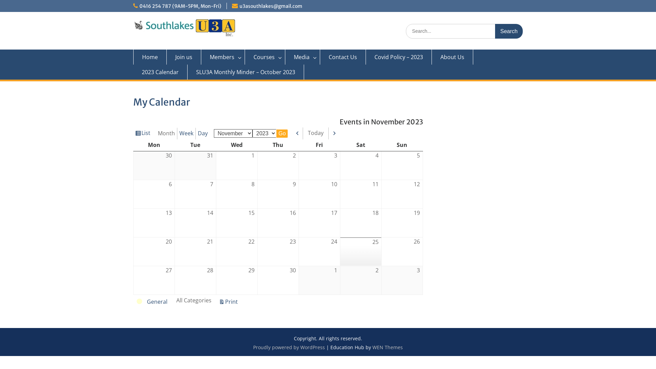 This screenshot has height=369, width=656. Describe the element at coordinates (270, 6) in the screenshot. I see `'u3asouthlakes@gmail.com'` at that location.